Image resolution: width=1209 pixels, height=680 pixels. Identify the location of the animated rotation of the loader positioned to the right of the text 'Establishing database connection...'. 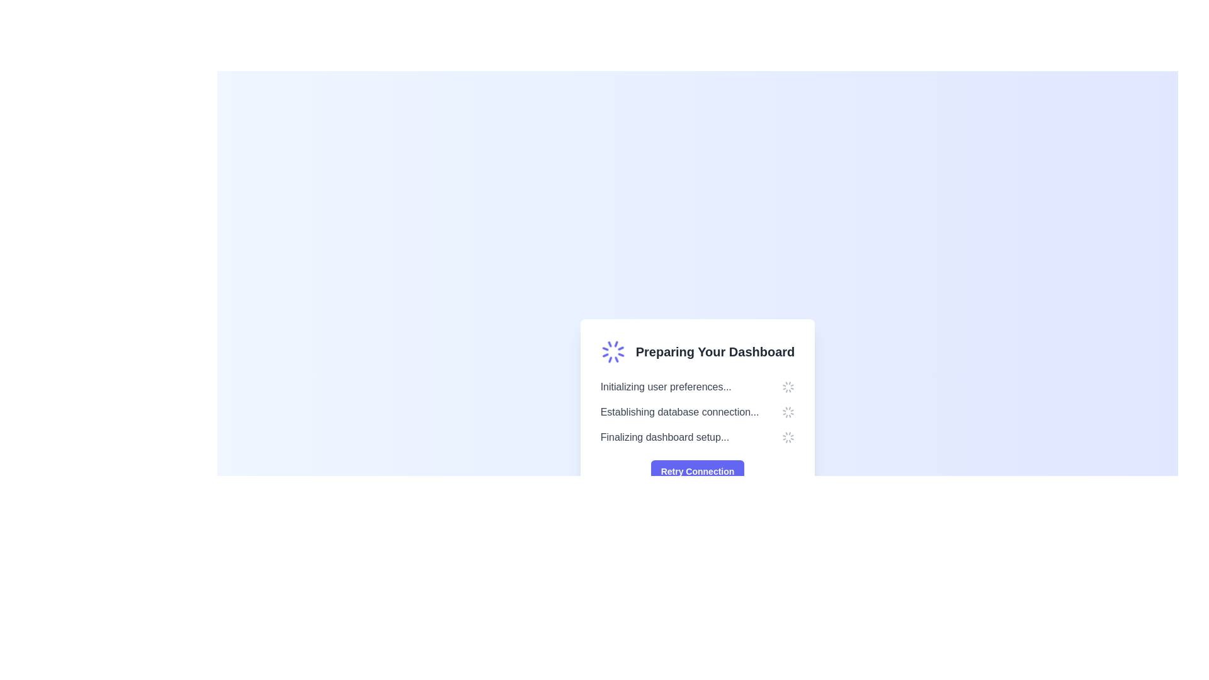
(788, 412).